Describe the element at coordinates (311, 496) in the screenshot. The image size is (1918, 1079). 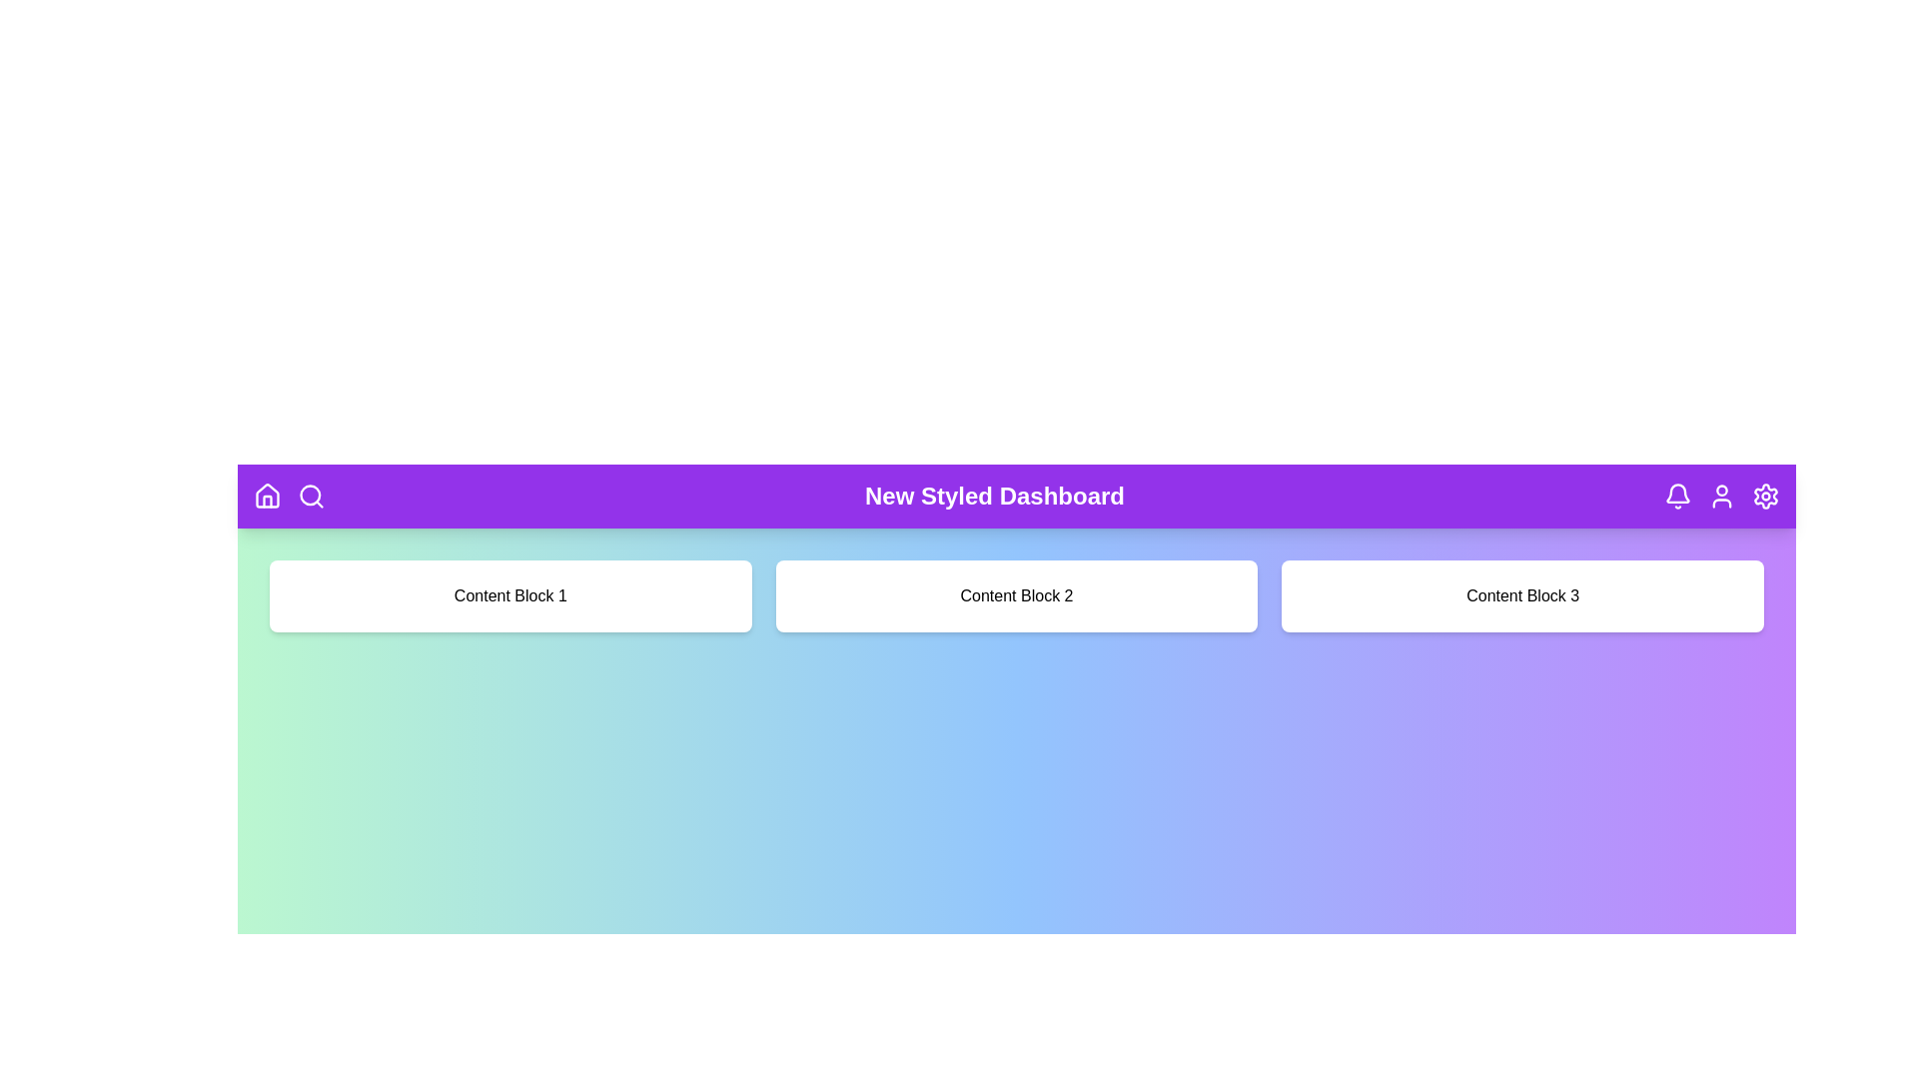
I see `the search icon in the header navigation bar` at that location.